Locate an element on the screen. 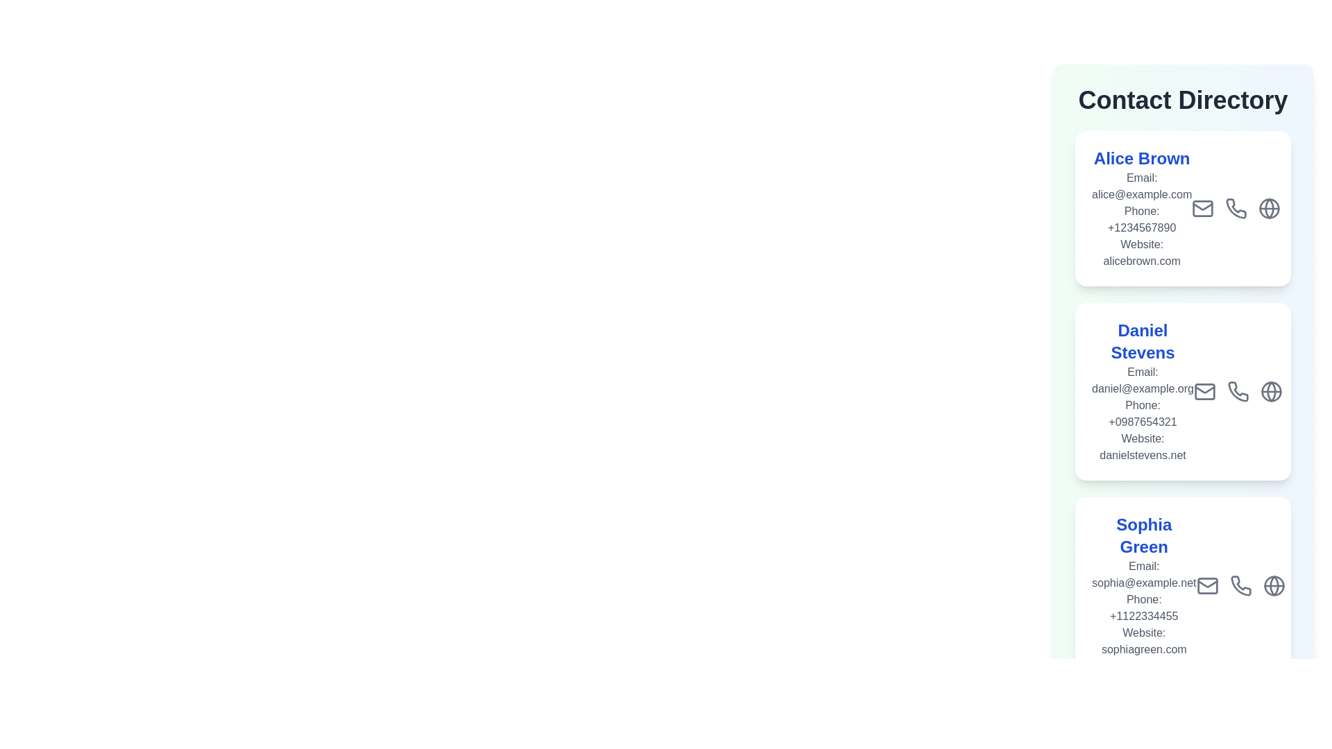  the text element corresponding to Sophia Green is located at coordinates (1144, 535).